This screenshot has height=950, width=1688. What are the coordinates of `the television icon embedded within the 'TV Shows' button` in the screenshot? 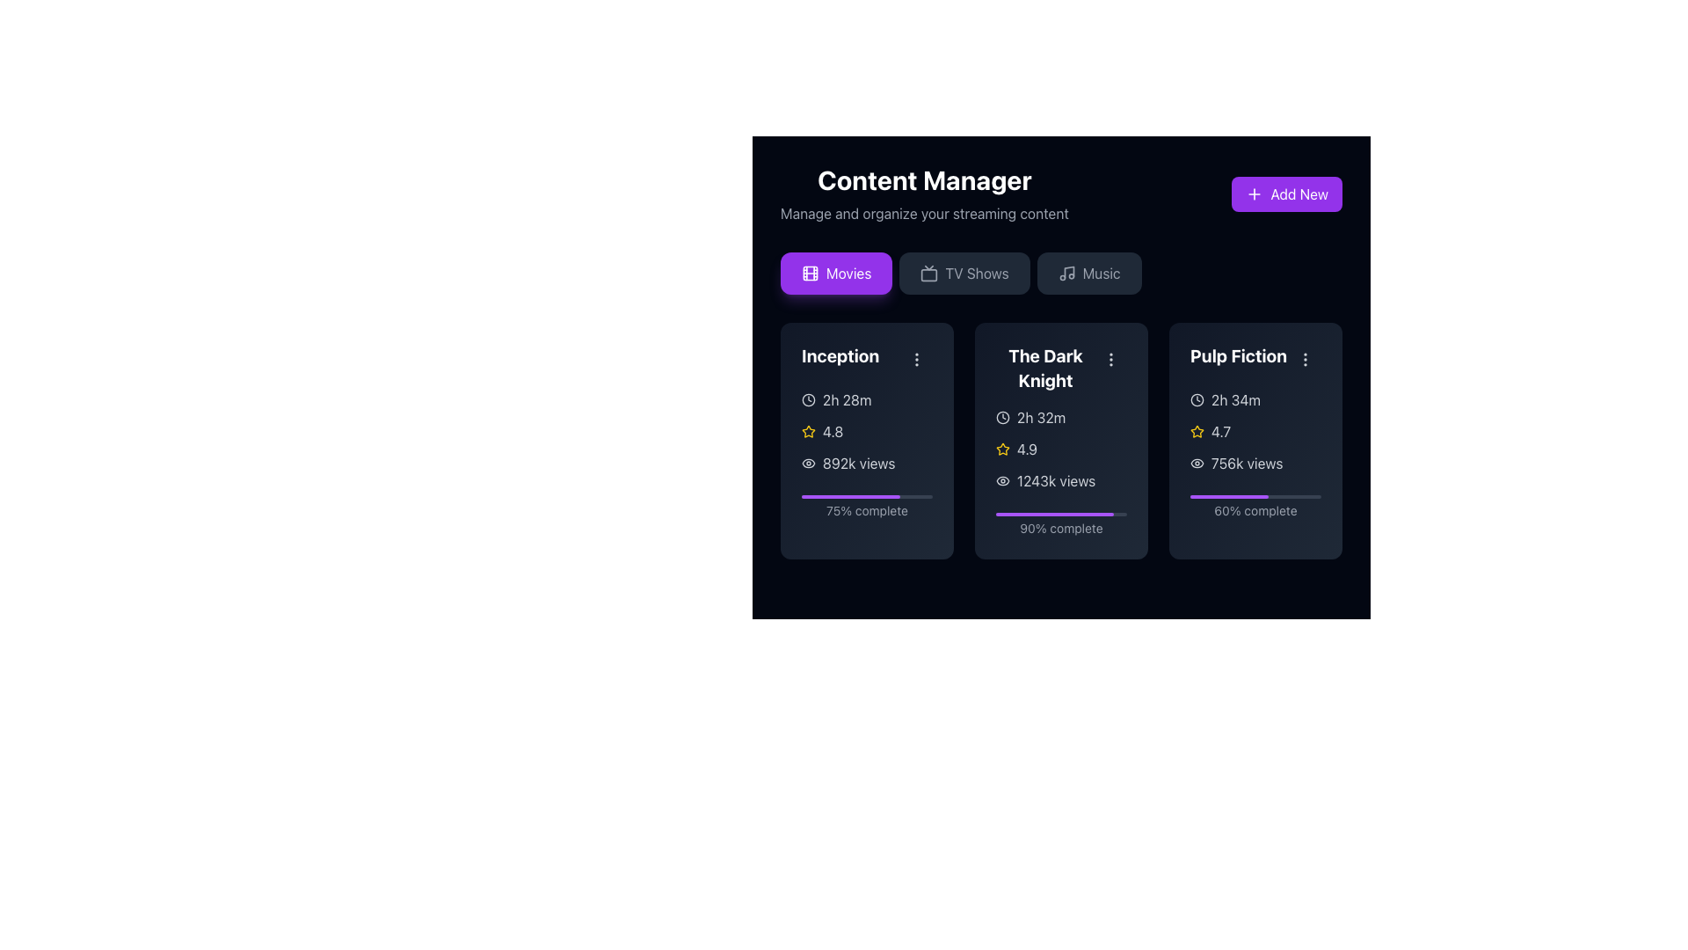 It's located at (928, 274).